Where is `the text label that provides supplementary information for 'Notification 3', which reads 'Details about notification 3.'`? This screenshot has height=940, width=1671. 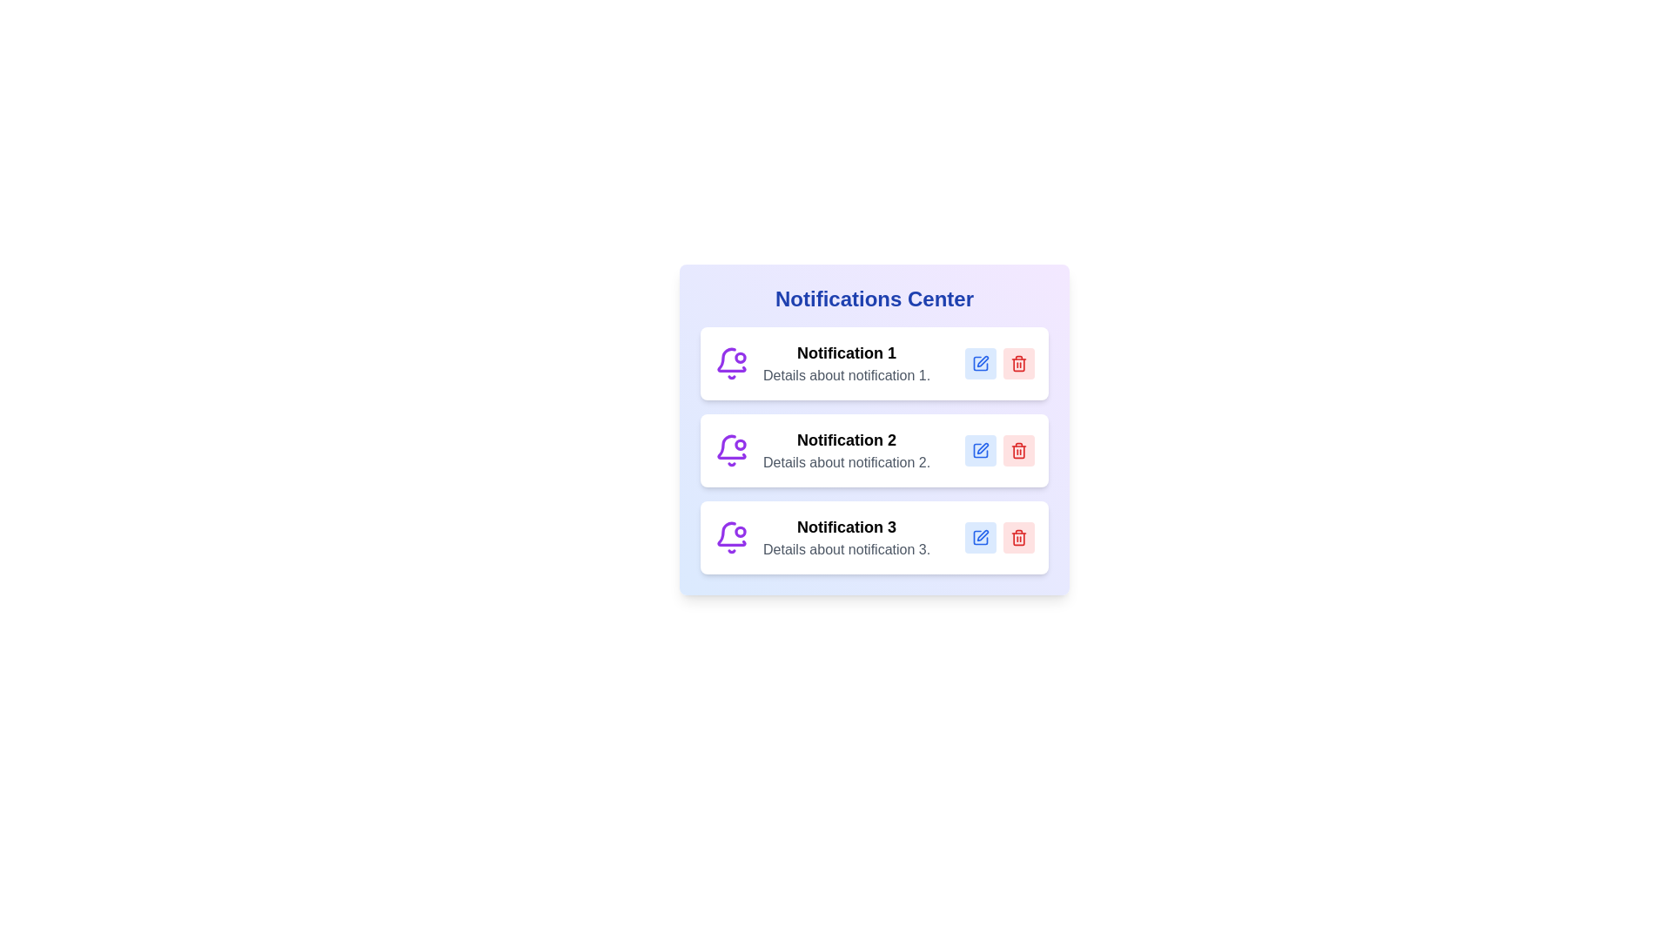
the text label that provides supplementary information for 'Notification 3', which reads 'Details about notification 3.' is located at coordinates (847, 550).